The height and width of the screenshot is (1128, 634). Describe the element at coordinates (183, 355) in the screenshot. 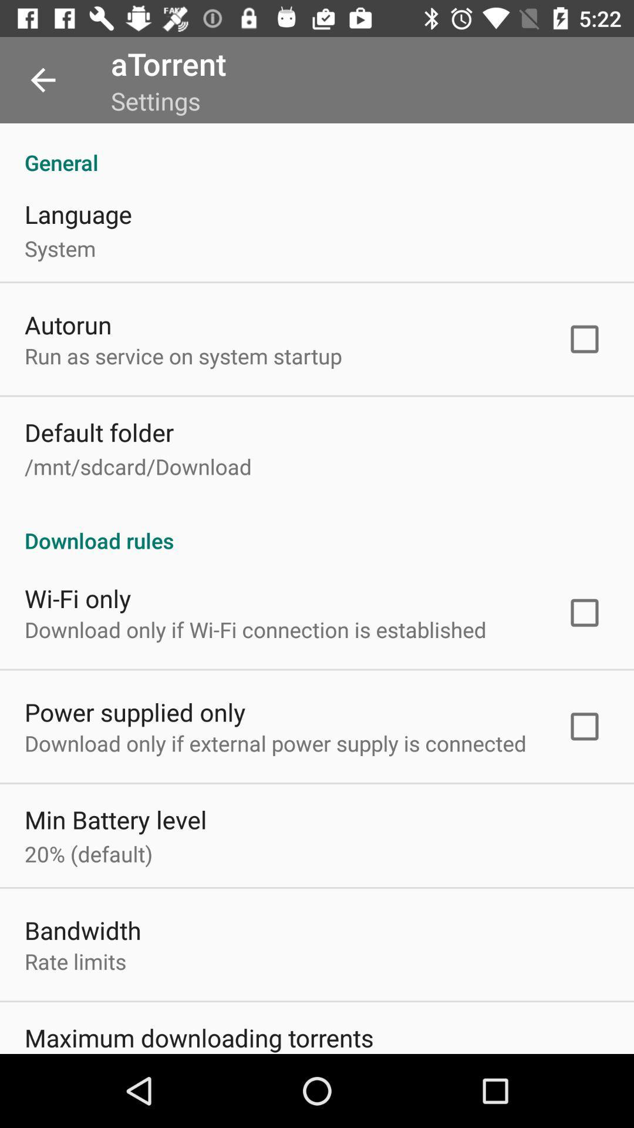

I see `icon above the default folder item` at that location.